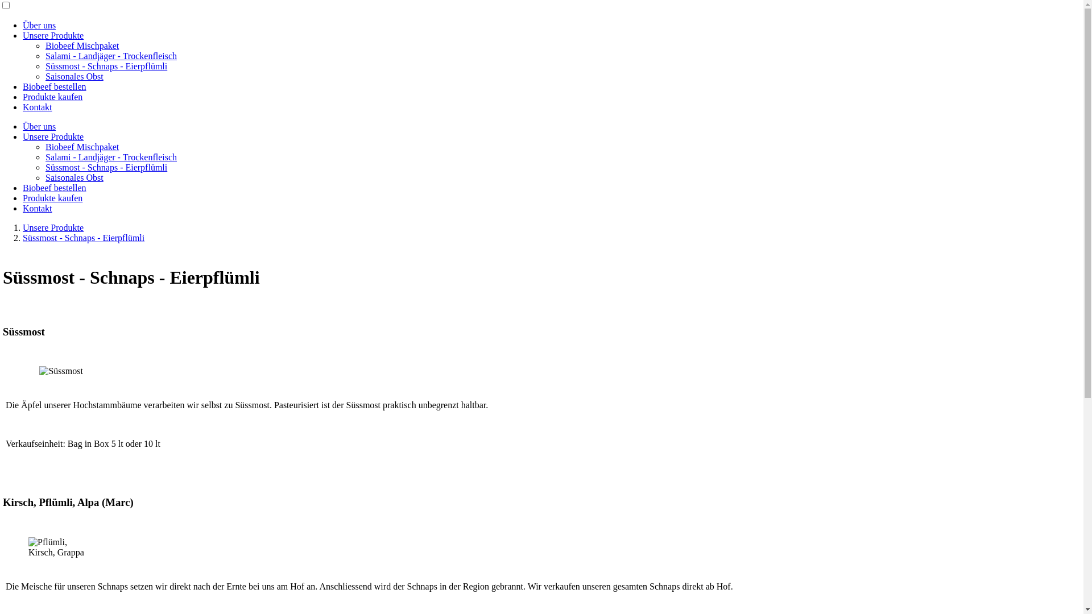  I want to click on 'Biobeef Mischpaket', so click(81, 45).